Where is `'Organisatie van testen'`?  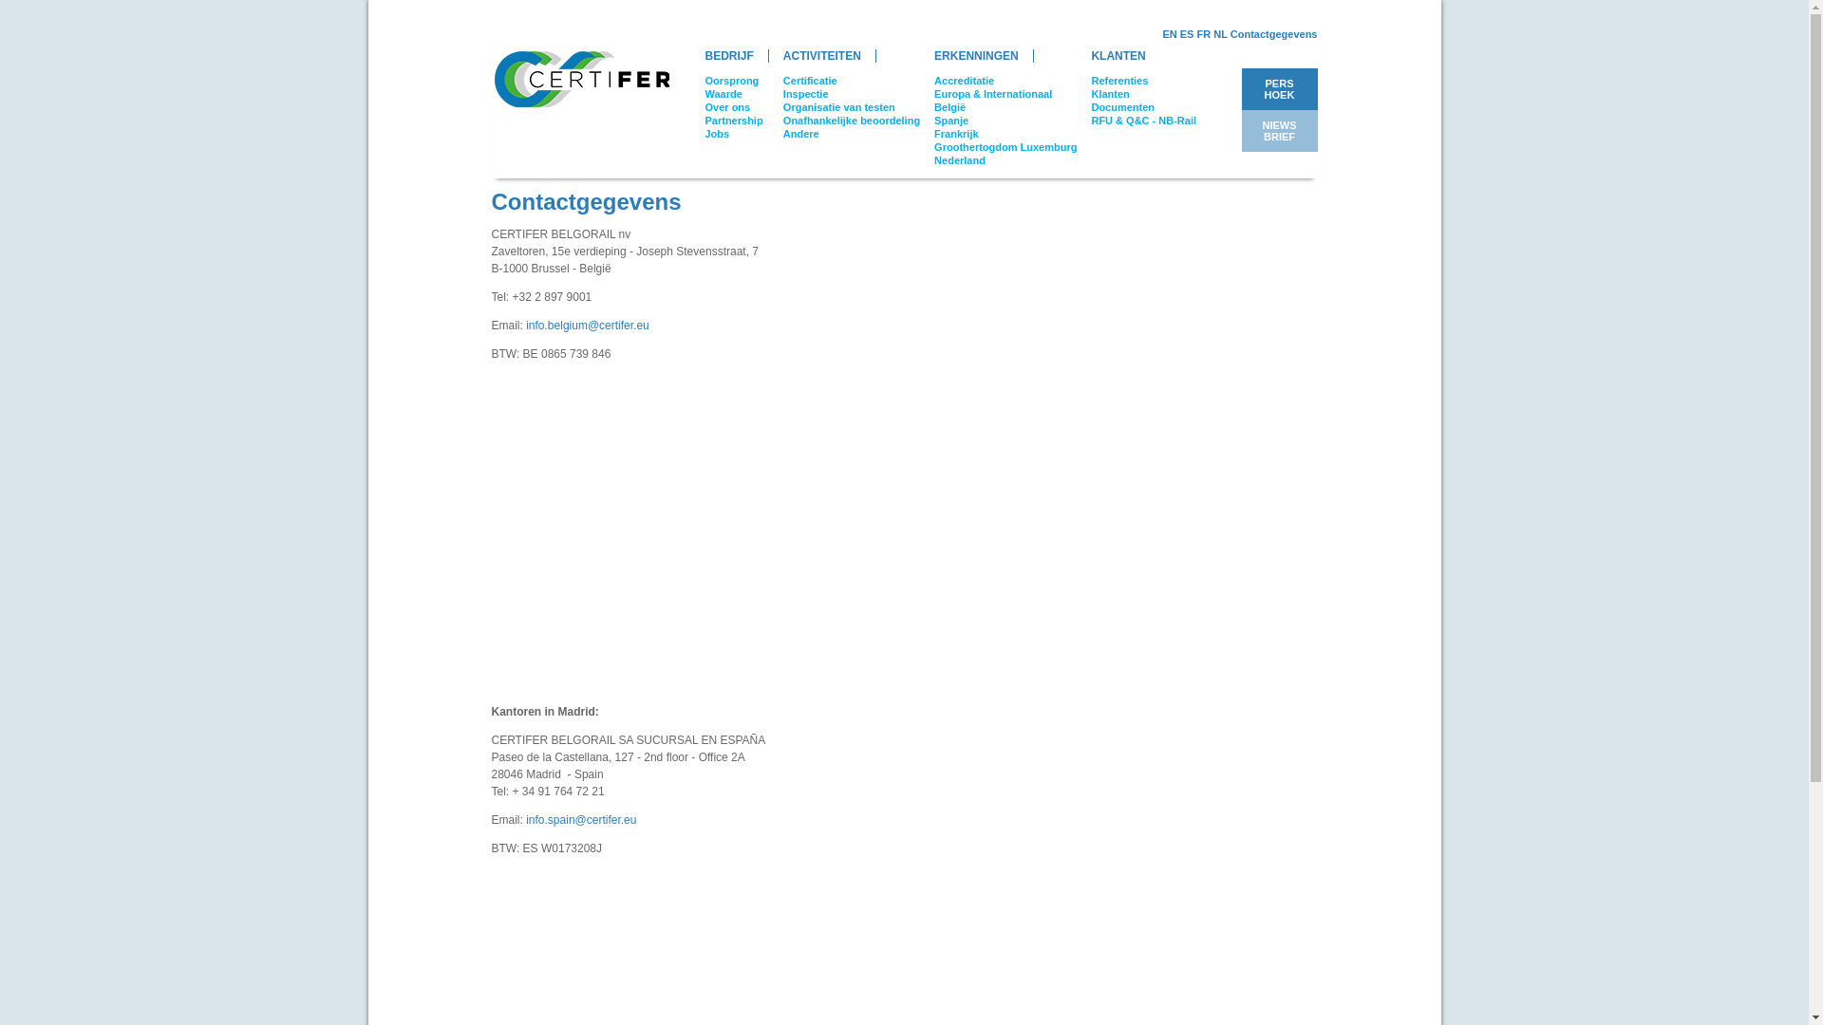 'Organisatie van testen' is located at coordinates (783, 106).